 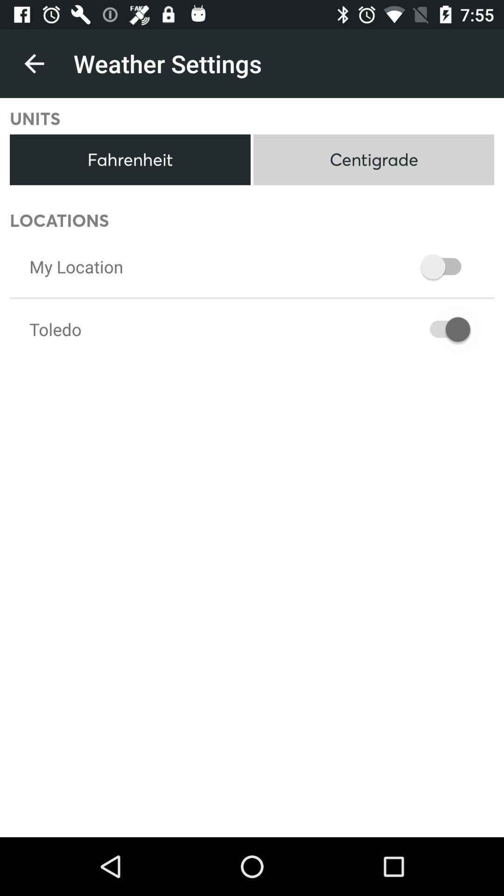 I want to click on the fahrenheit item, so click(x=130, y=160).